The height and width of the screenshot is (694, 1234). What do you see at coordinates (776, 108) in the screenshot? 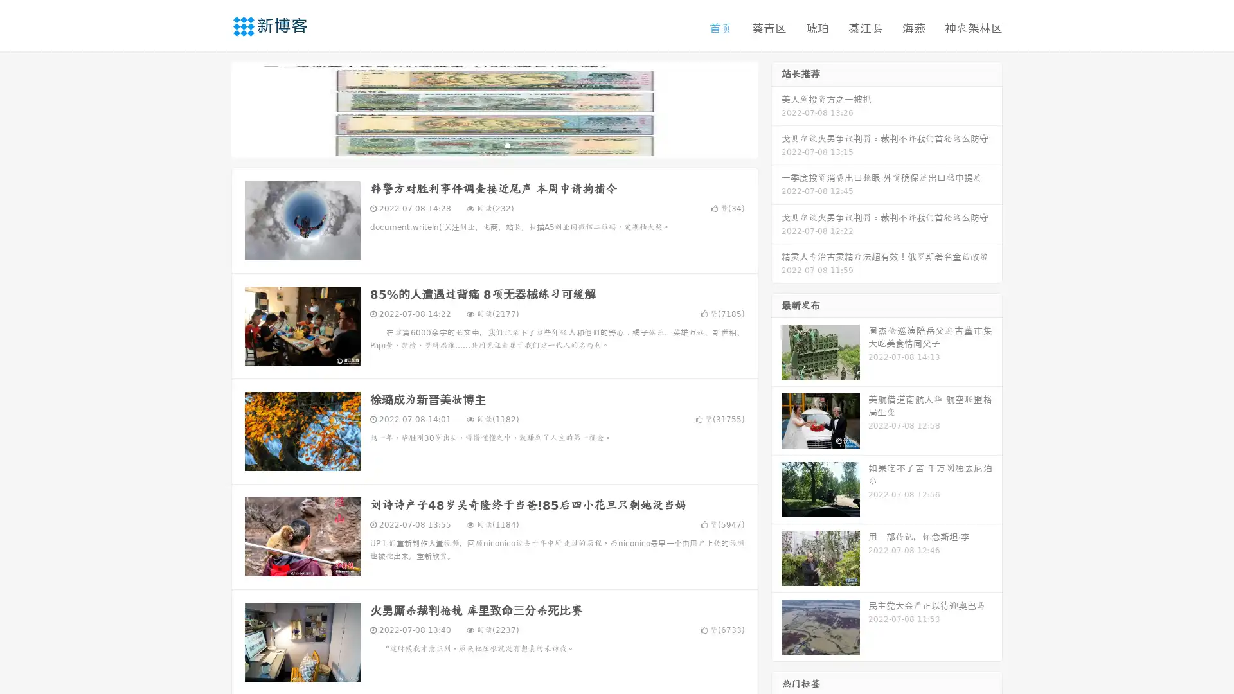
I see `Next slide` at bounding box center [776, 108].